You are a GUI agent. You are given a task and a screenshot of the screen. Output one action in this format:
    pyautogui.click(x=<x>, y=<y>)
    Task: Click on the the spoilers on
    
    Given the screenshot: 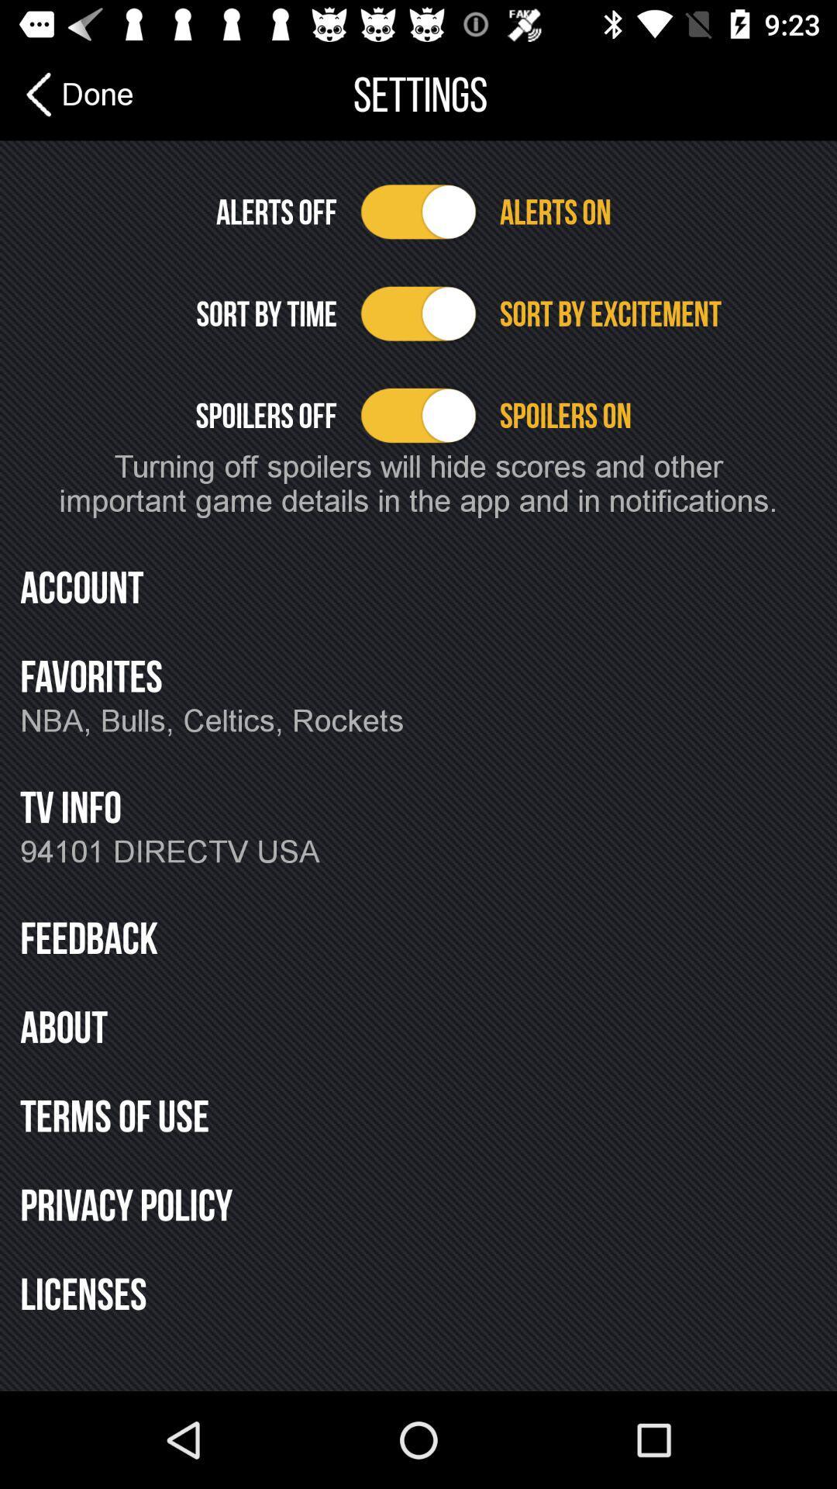 What is the action you would take?
    pyautogui.click(x=658, y=415)
    